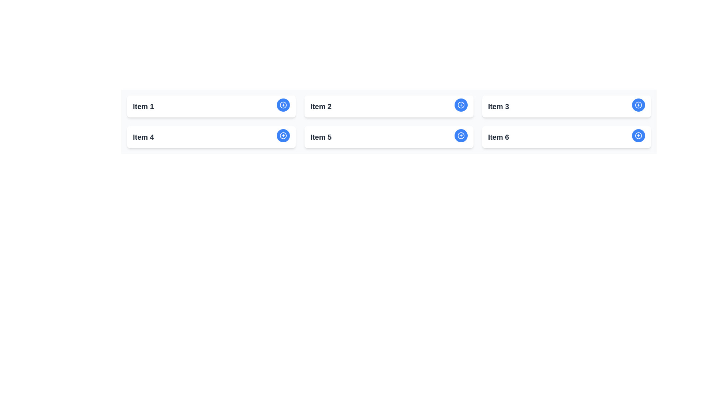 This screenshot has height=394, width=701. Describe the element at coordinates (143, 107) in the screenshot. I see `the 'Item 1' text label, which serves as a title or header for a grouping in the topmost row of a grid layout` at that location.